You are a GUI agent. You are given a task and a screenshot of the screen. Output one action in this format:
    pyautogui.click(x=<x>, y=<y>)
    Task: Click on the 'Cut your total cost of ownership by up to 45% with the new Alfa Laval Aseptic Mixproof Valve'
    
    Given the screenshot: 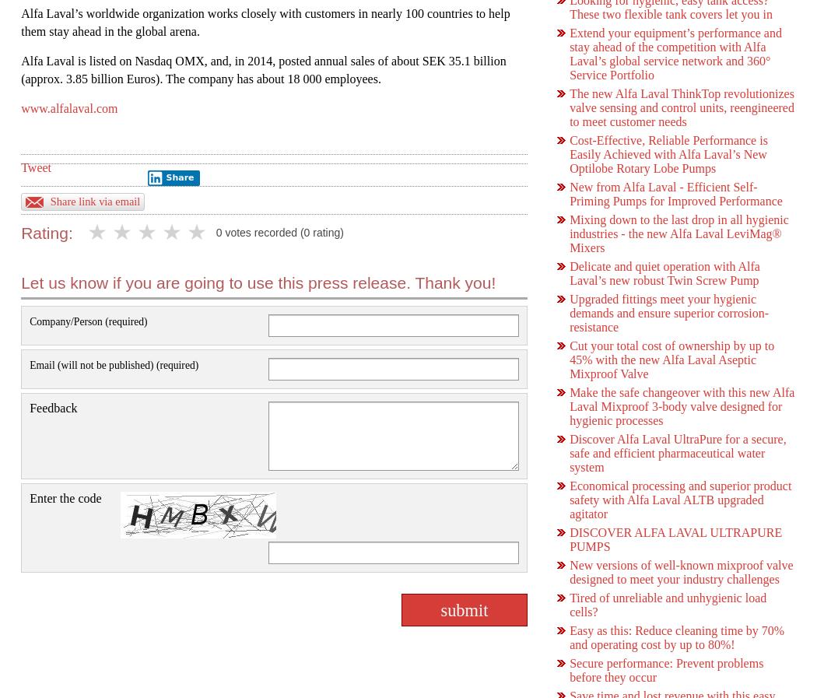 What is the action you would take?
    pyautogui.click(x=568, y=360)
    